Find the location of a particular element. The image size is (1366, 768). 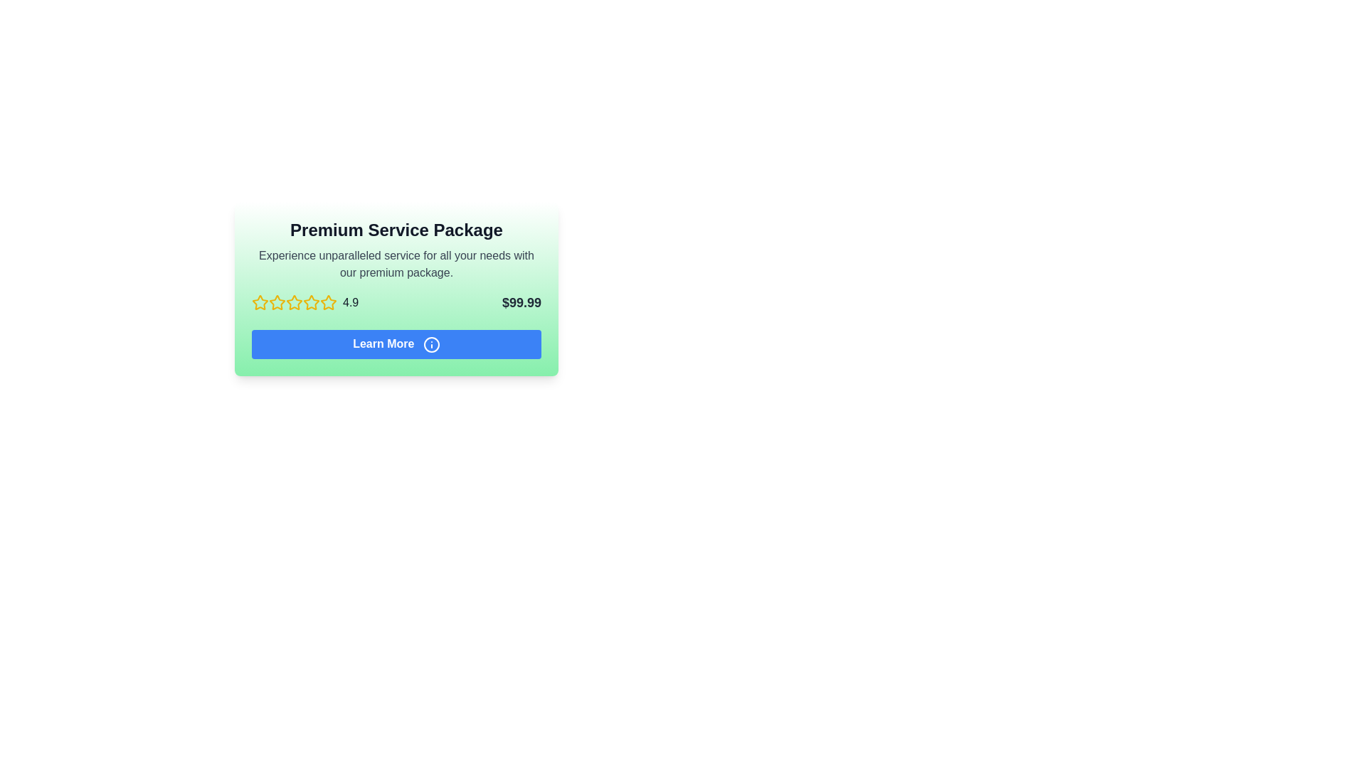

the fourth star icon in the five-star rating system below the 'Premium Service Package' heading to indicate the rating level is located at coordinates (293, 302).